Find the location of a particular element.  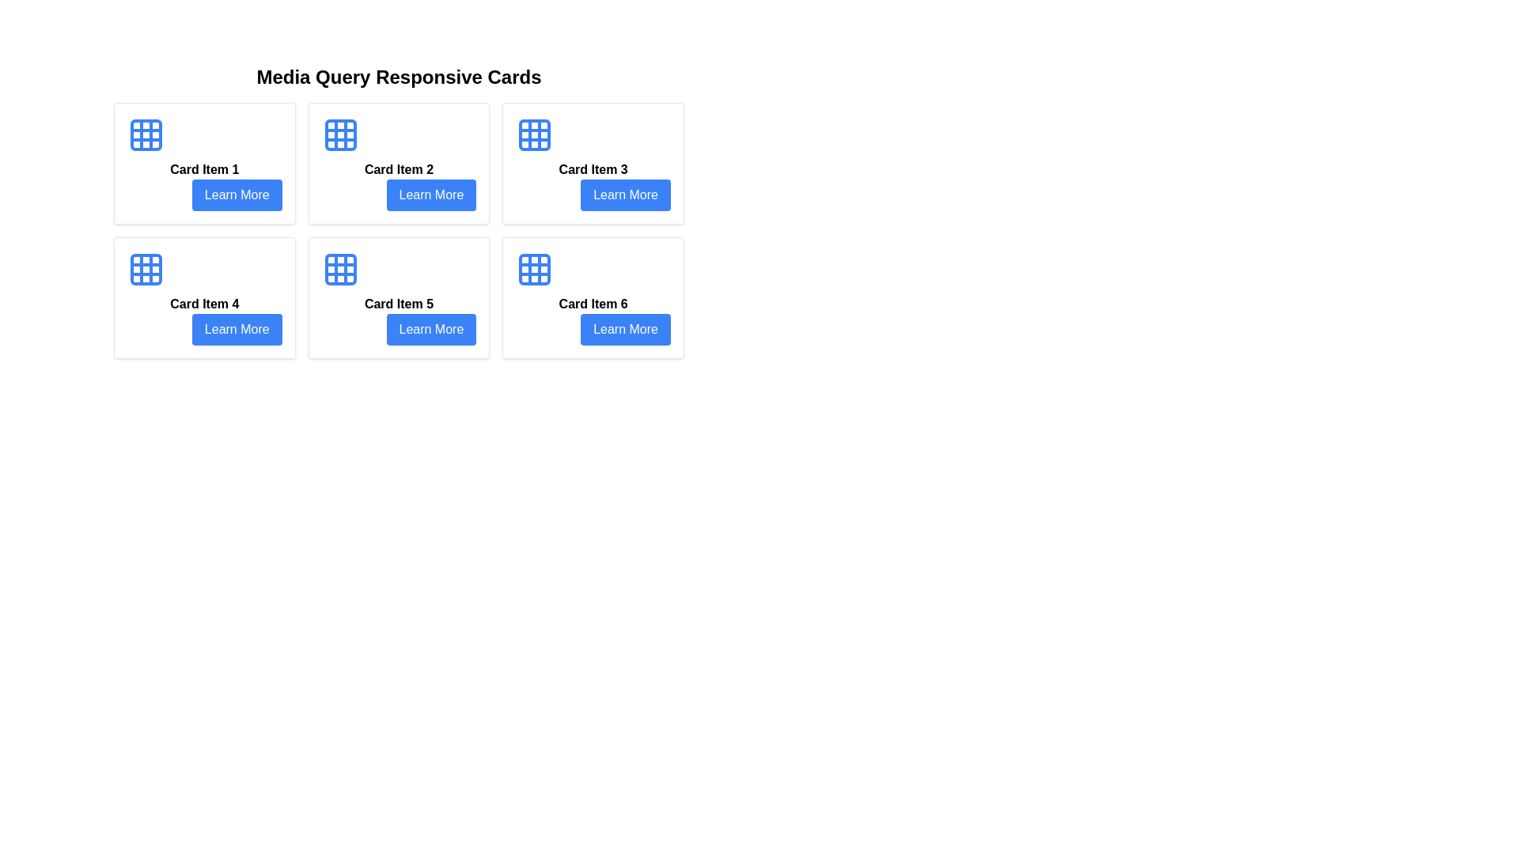

the decorative icon located at the top-left corner of 'Card Item 4' in the bottom-left corner of the grid layout is located at coordinates (146, 268).